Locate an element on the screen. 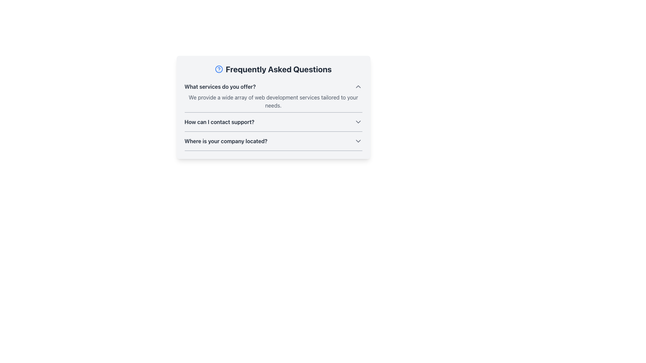 This screenshot has width=646, height=363. the third interactive FAQ question row is located at coordinates (273, 142).